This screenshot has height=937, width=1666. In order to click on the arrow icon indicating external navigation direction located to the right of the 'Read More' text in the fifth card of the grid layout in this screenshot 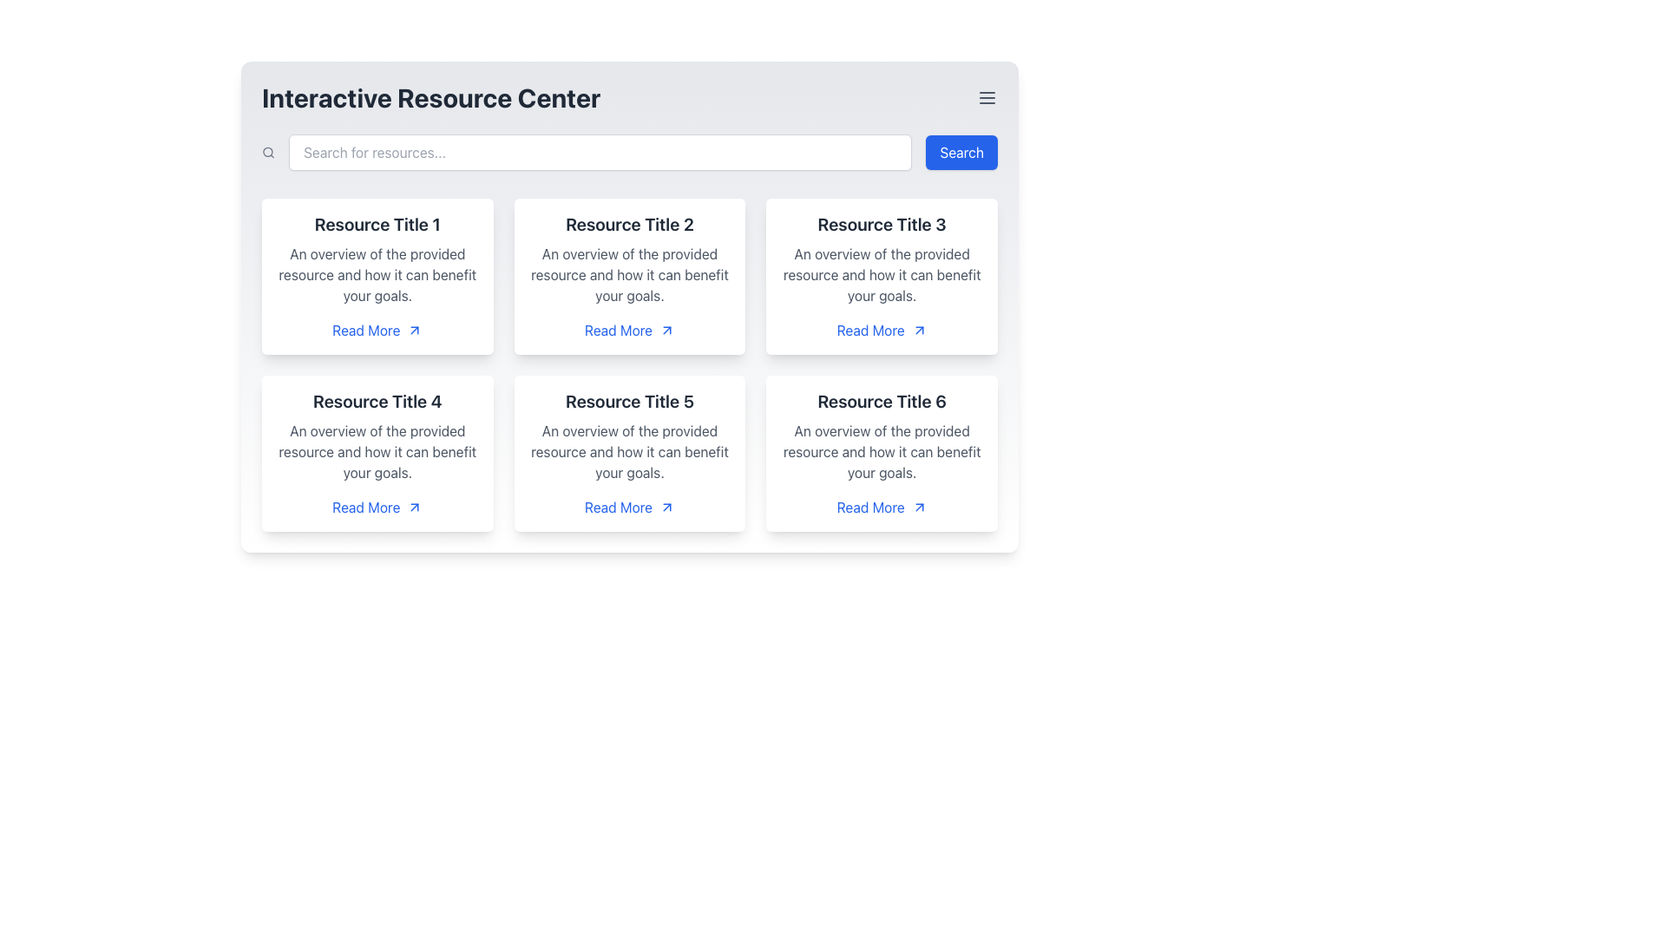, I will do `click(666, 508)`.